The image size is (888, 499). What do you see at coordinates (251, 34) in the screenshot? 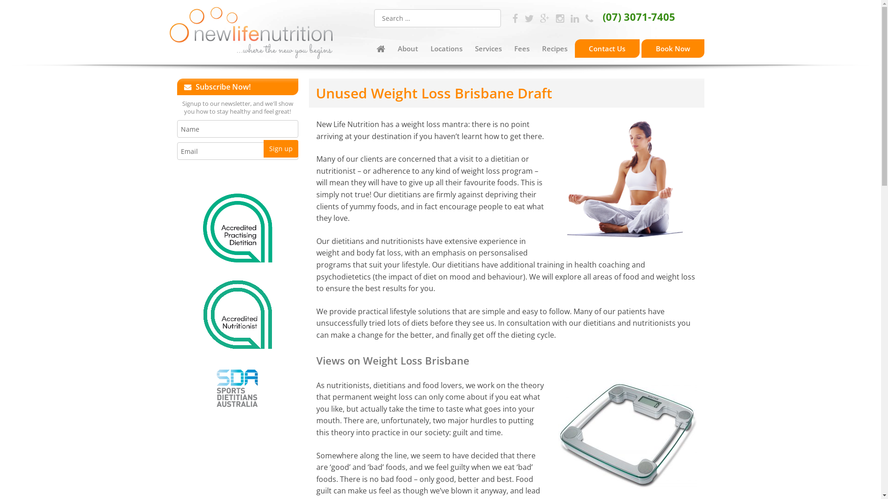
I see `'New Life Nutrition'` at bounding box center [251, 34].